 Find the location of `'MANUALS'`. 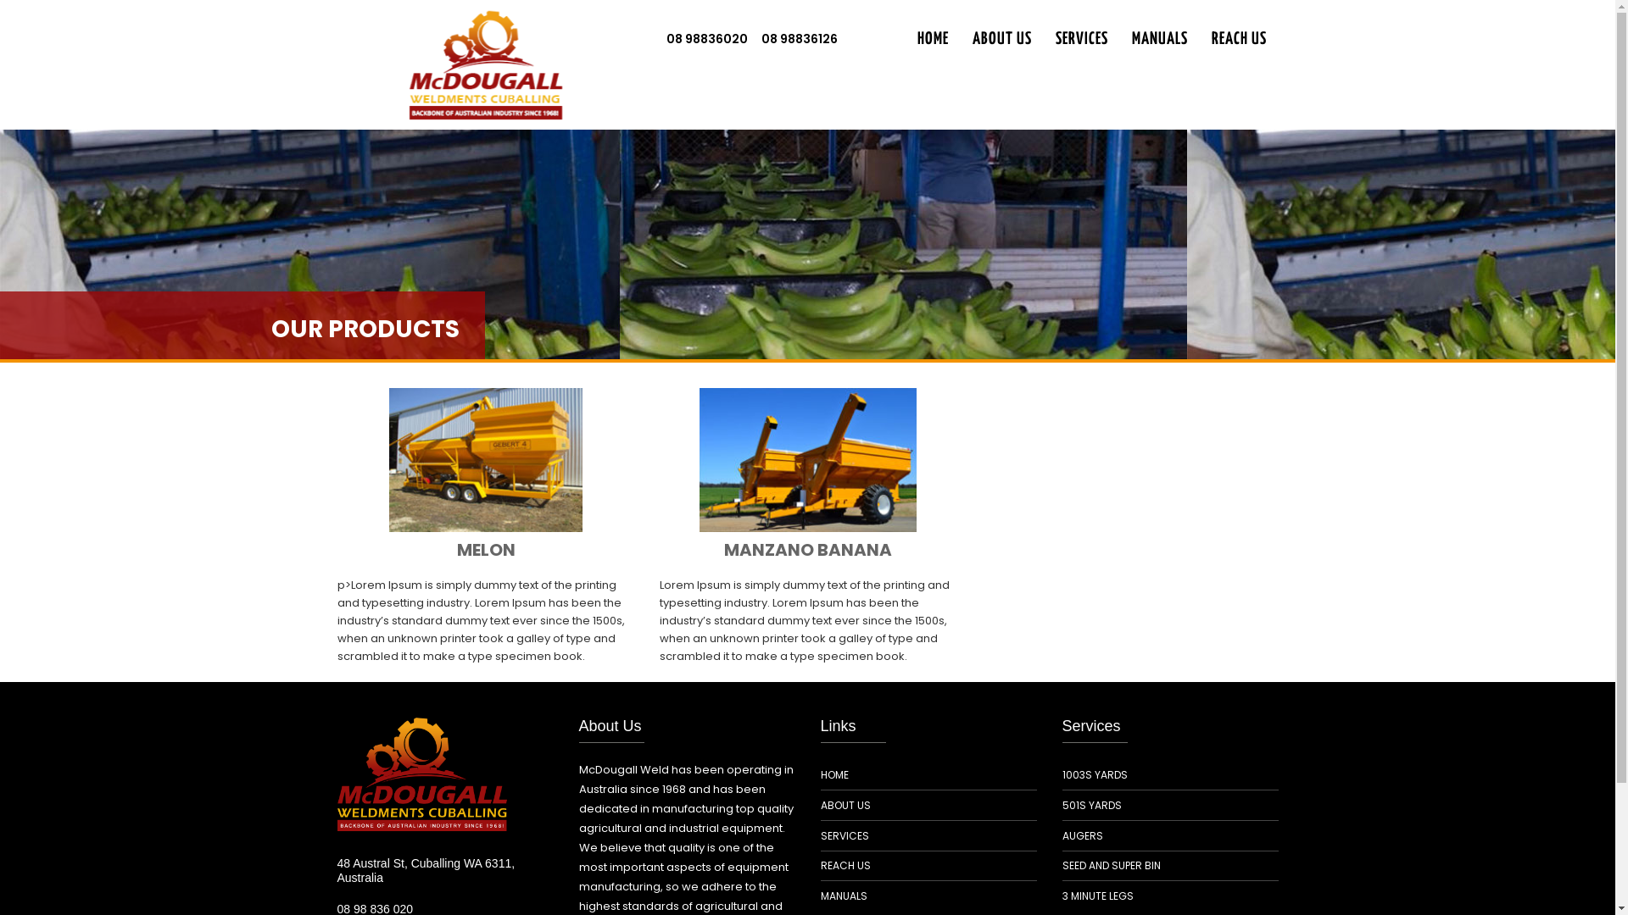

'MANUALS' is located at coordinates (1158, 39).